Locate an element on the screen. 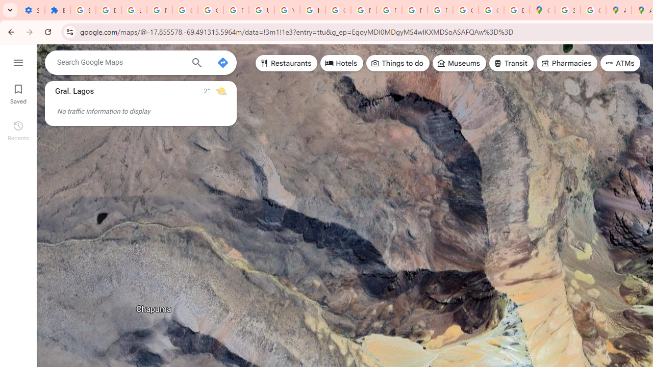 This screenshot has height=367, width=653. 'Privacy Help Center - Policies Help' is located at coordinates (363, 10).